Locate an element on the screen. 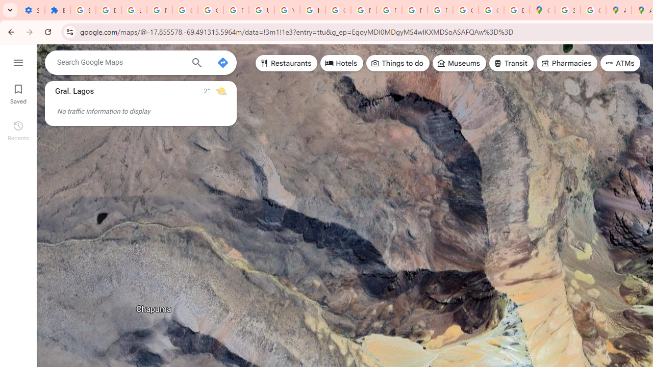 This screenshot has height=367, width=653. 'Privacy Help Center - Policies Help' is located at coordinates (363, 10).